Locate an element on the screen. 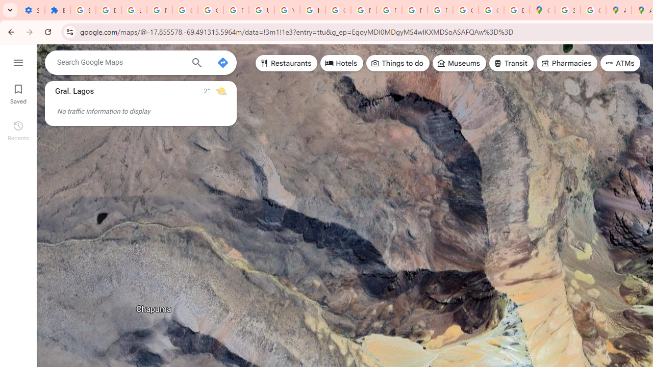 This screenshot has height=367, width=653. 'Privacy Help Center - Policies Help' is located at coordinates (363, 10).